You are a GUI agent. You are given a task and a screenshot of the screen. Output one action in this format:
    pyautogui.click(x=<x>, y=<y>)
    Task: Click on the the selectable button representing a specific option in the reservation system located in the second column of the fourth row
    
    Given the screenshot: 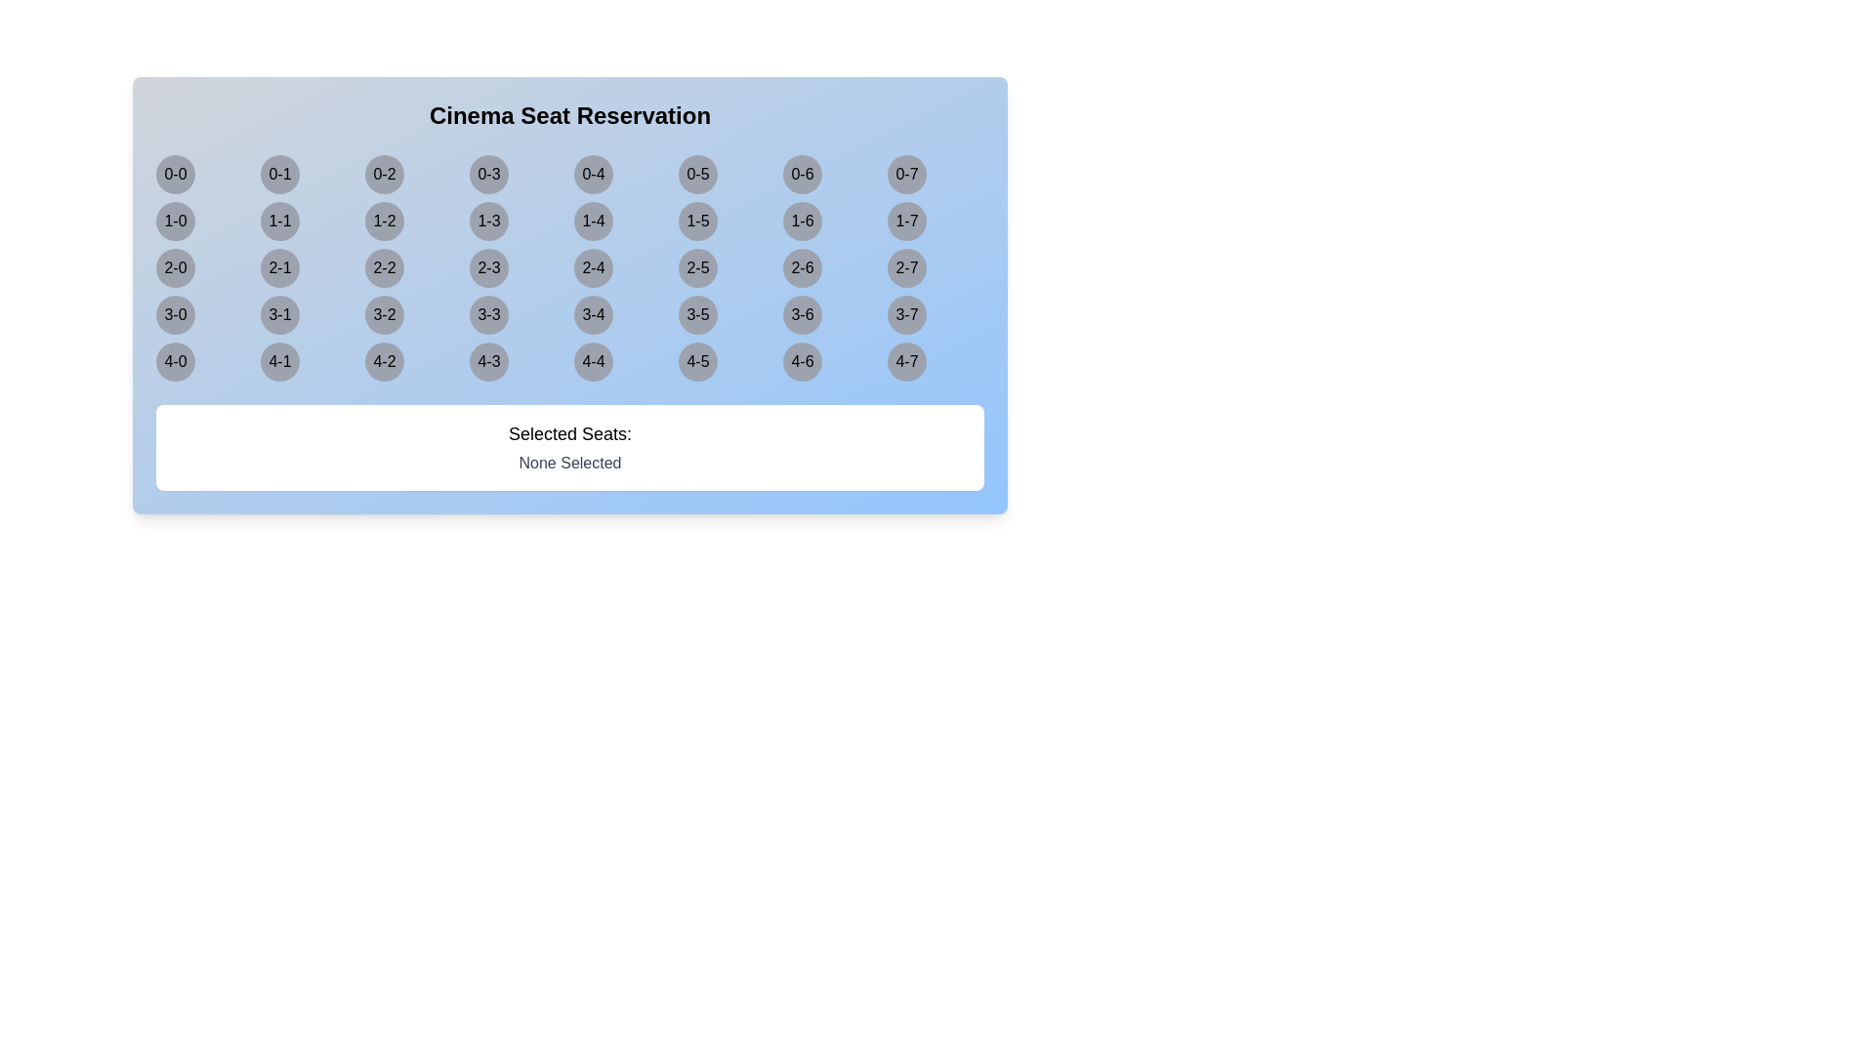 What is the action you would take?
    pyautogui.click(x=176, y=314)
    